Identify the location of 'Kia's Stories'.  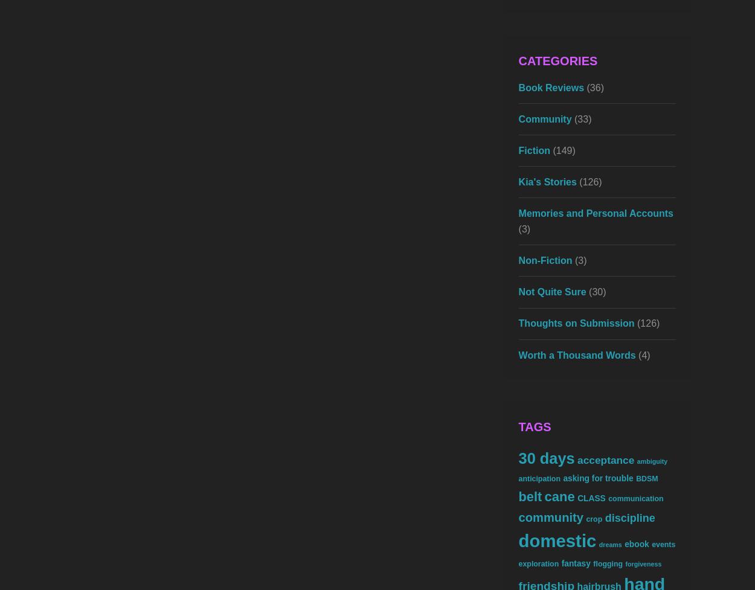
(518, 181).